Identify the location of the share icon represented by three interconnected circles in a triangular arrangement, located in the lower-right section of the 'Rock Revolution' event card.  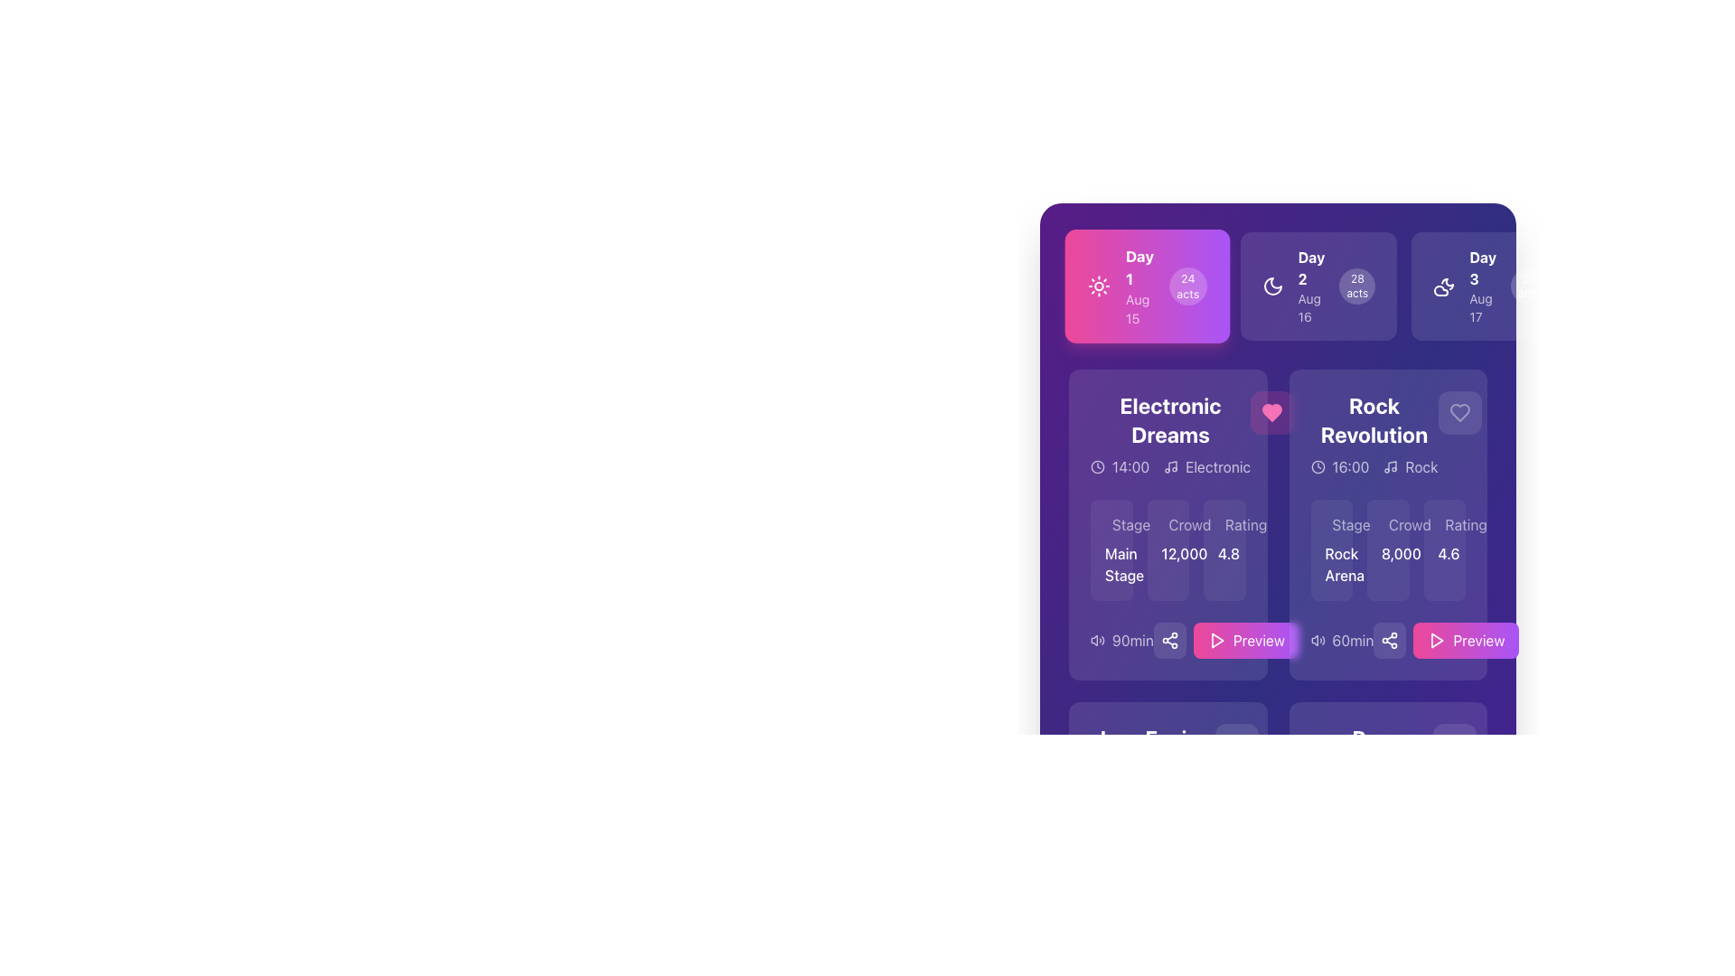
(1169, 640).